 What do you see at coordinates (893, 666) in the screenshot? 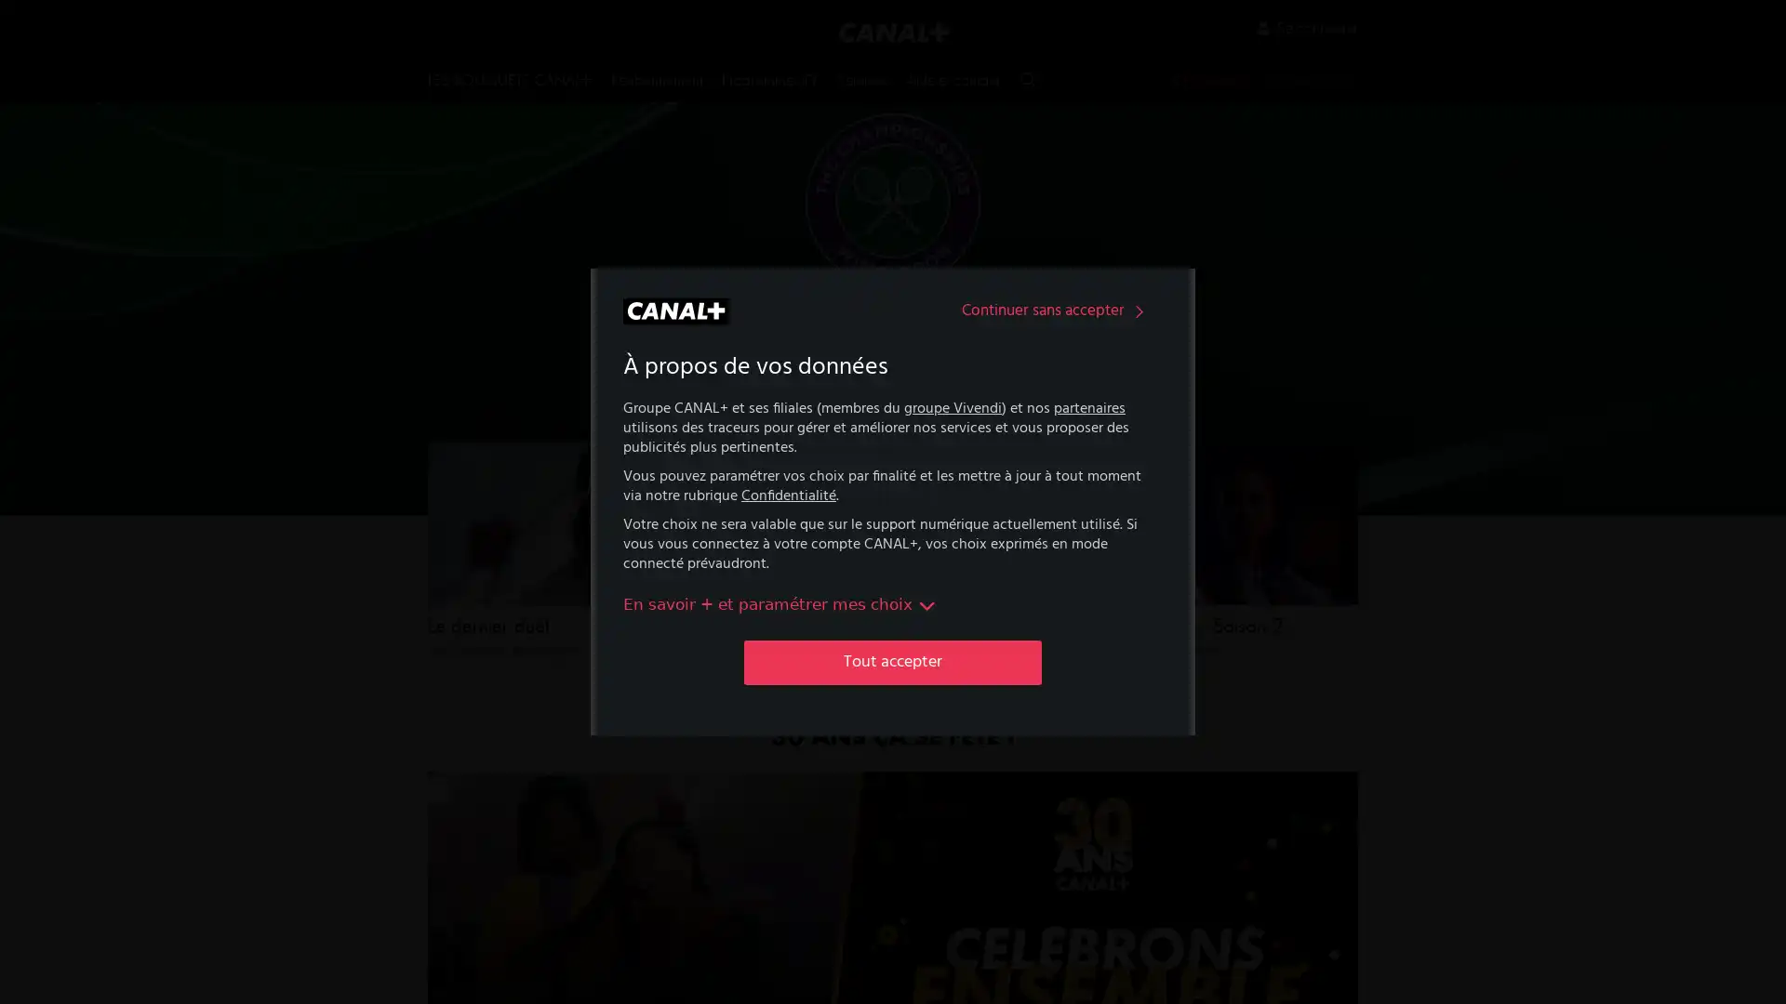
I see `Mauritanie` at bounding box center [893, 666].